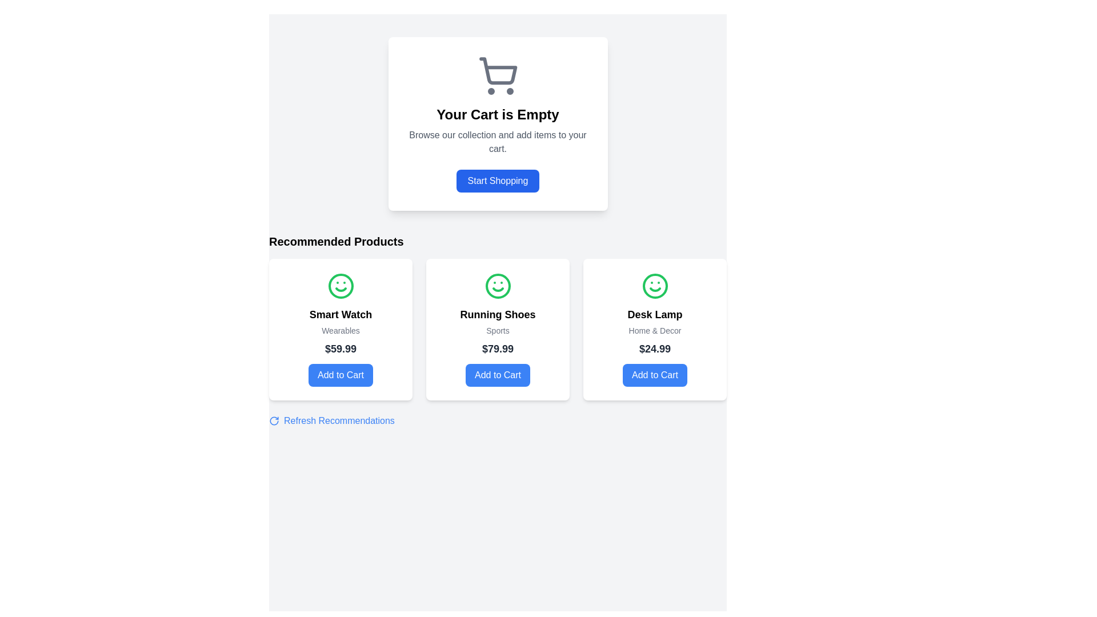 Image resolution: width=1097 pixels, height=617 pixels. What do you see at coordinates (655, 286) in the screenshot?
I see `the circular smiley face icon with a green stroke located at the top of the 'Desk Lamp' card in the 'Recommended Products' section` at bounding box center [655, 286].